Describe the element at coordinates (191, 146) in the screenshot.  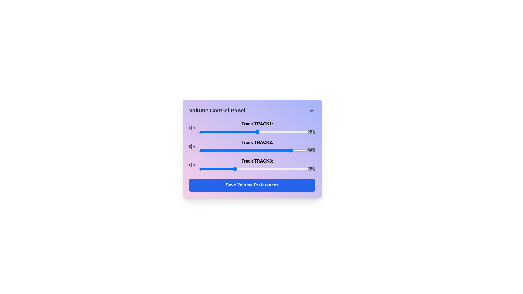
I see `the speaker icon representing the volume control for 'Track 2' to elicit a tooltip or animation` at that location.